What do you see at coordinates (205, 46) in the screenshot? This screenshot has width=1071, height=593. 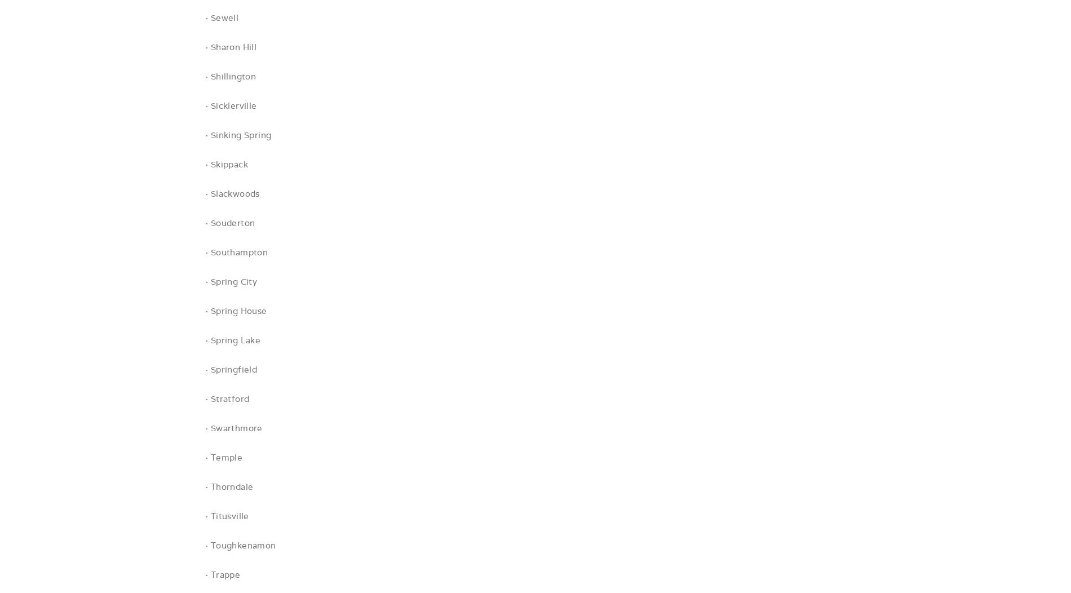 I see `'· Sharon Hill'` at bounding box center [205, 46].